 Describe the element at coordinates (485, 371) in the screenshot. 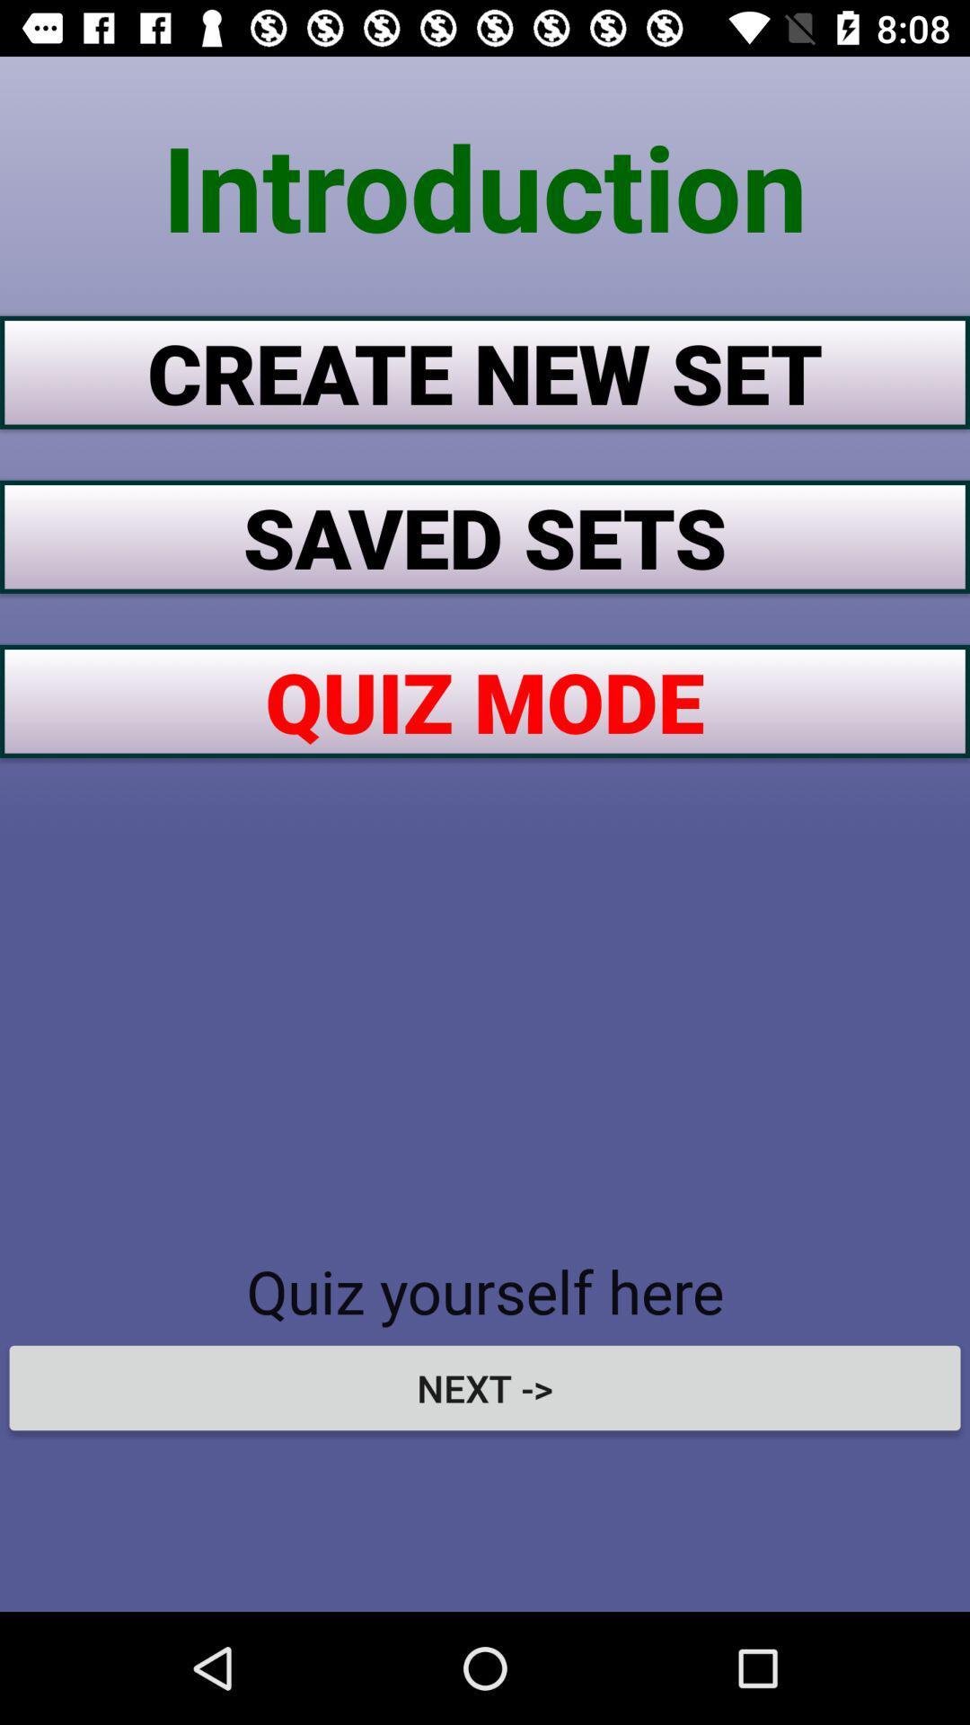

I see `the create new set icon` at that location.